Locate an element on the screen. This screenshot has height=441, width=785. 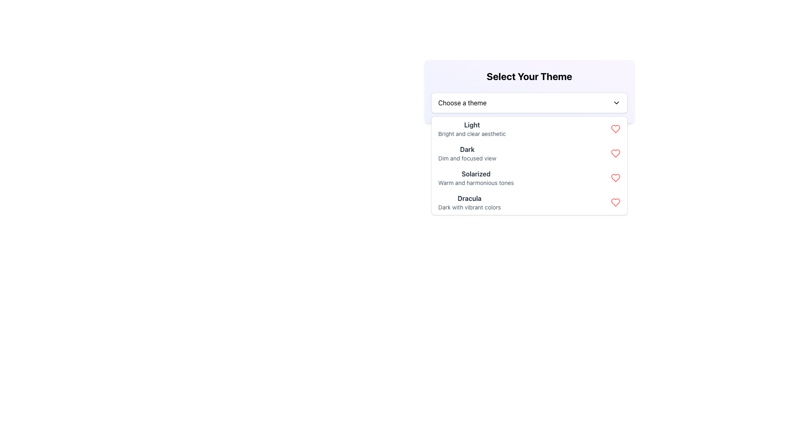
the third item in the theme selection dropdown is located at coordinates (529, 177).